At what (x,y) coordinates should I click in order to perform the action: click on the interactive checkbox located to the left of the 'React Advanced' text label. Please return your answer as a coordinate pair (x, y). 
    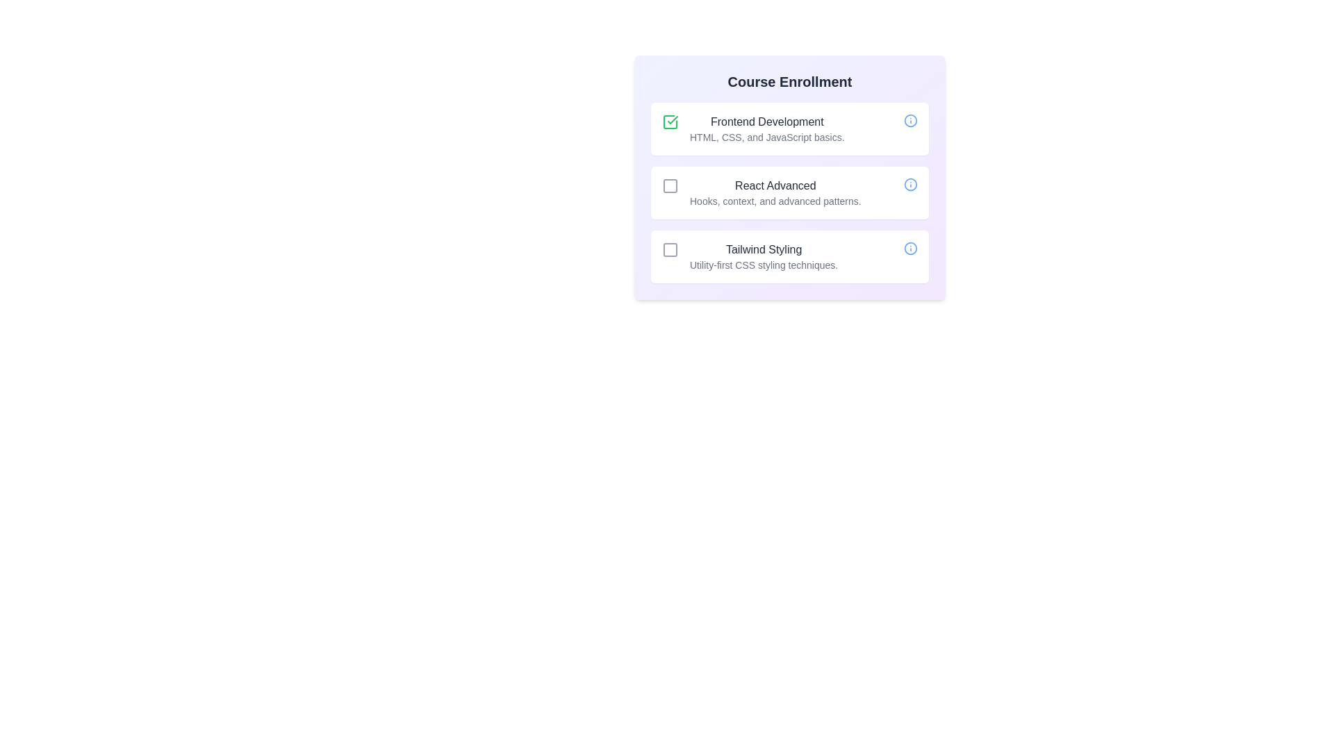
    Looking at the image, I should click on (670, 185).